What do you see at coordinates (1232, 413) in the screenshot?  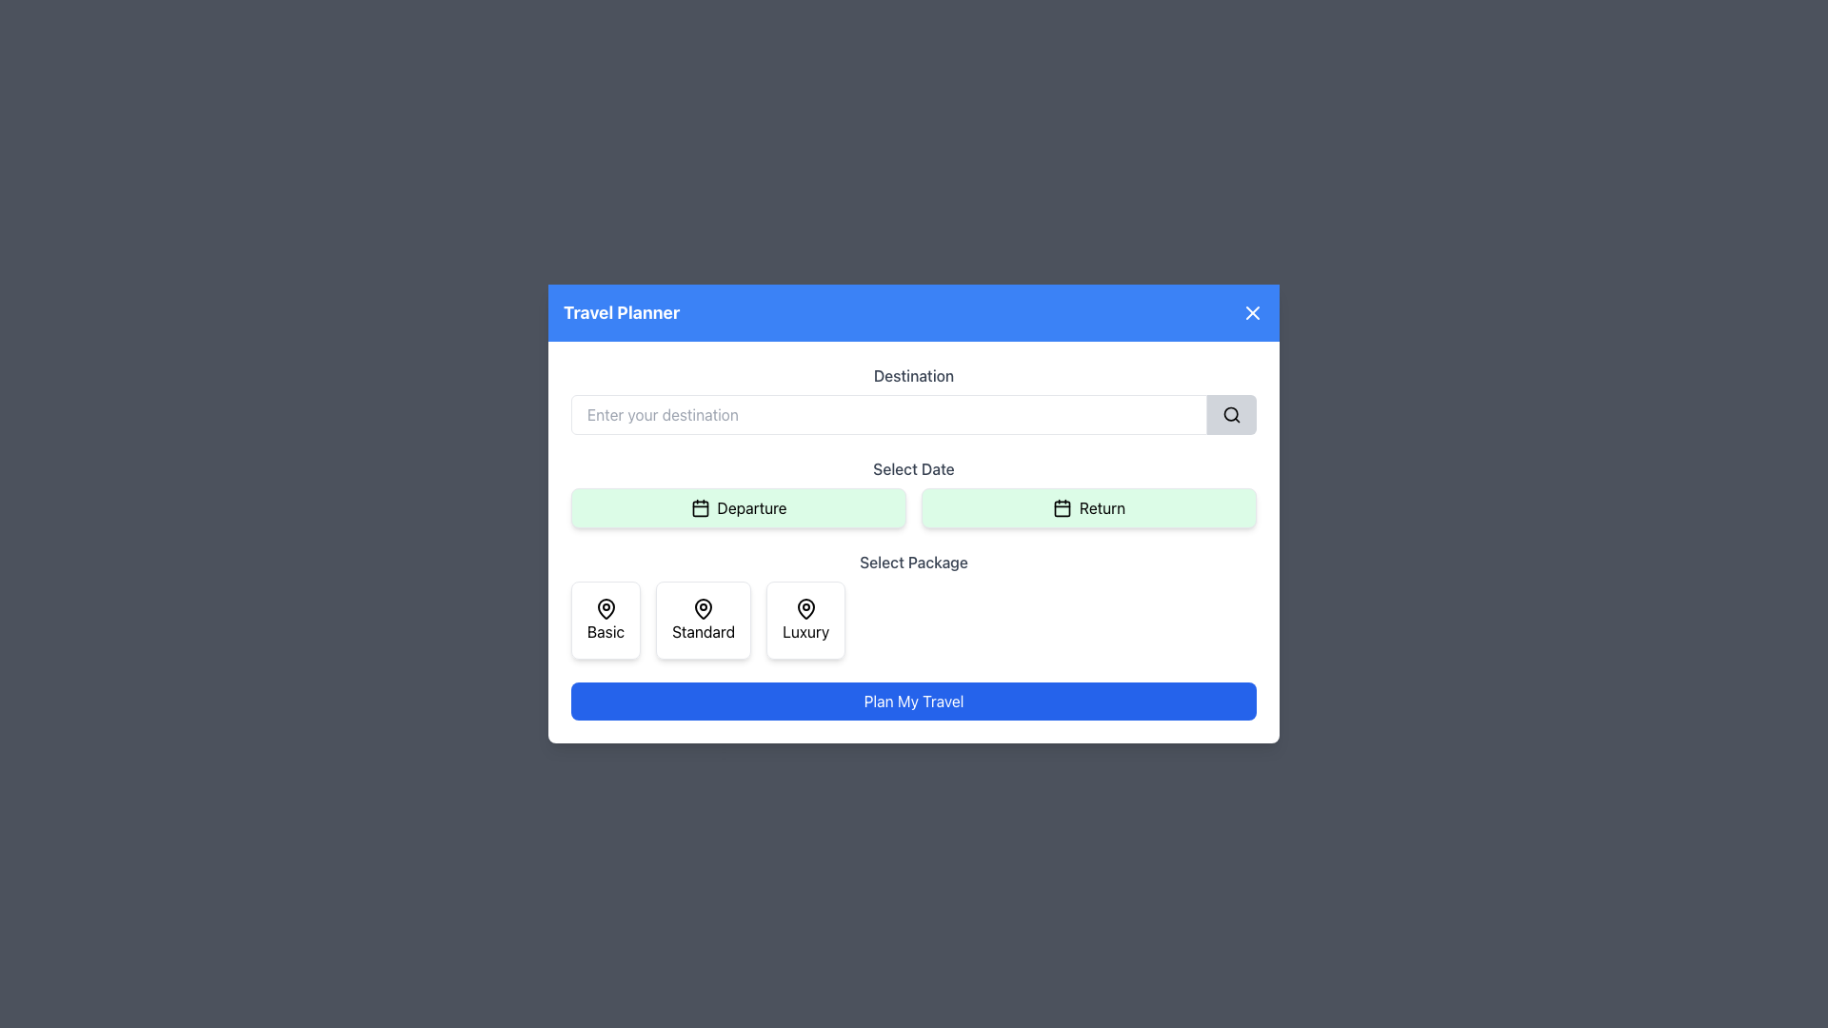 I see `the magnifying glass icon button located near the upper-right corner of the input field labeled 'Destination'` at bounding box center [1232, 413].